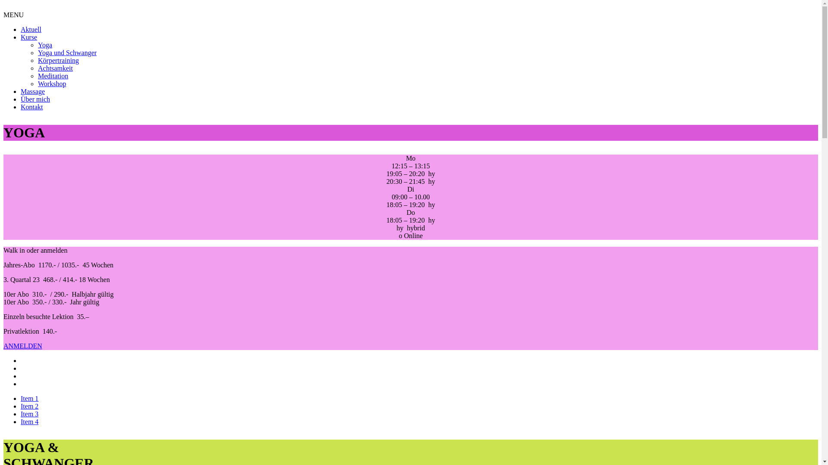 Image resolution: width=828 pixels, height=465 pixels. Describe the element at coordinates (51, 84) in the screenshot. I see `'Workshop'` at that location.